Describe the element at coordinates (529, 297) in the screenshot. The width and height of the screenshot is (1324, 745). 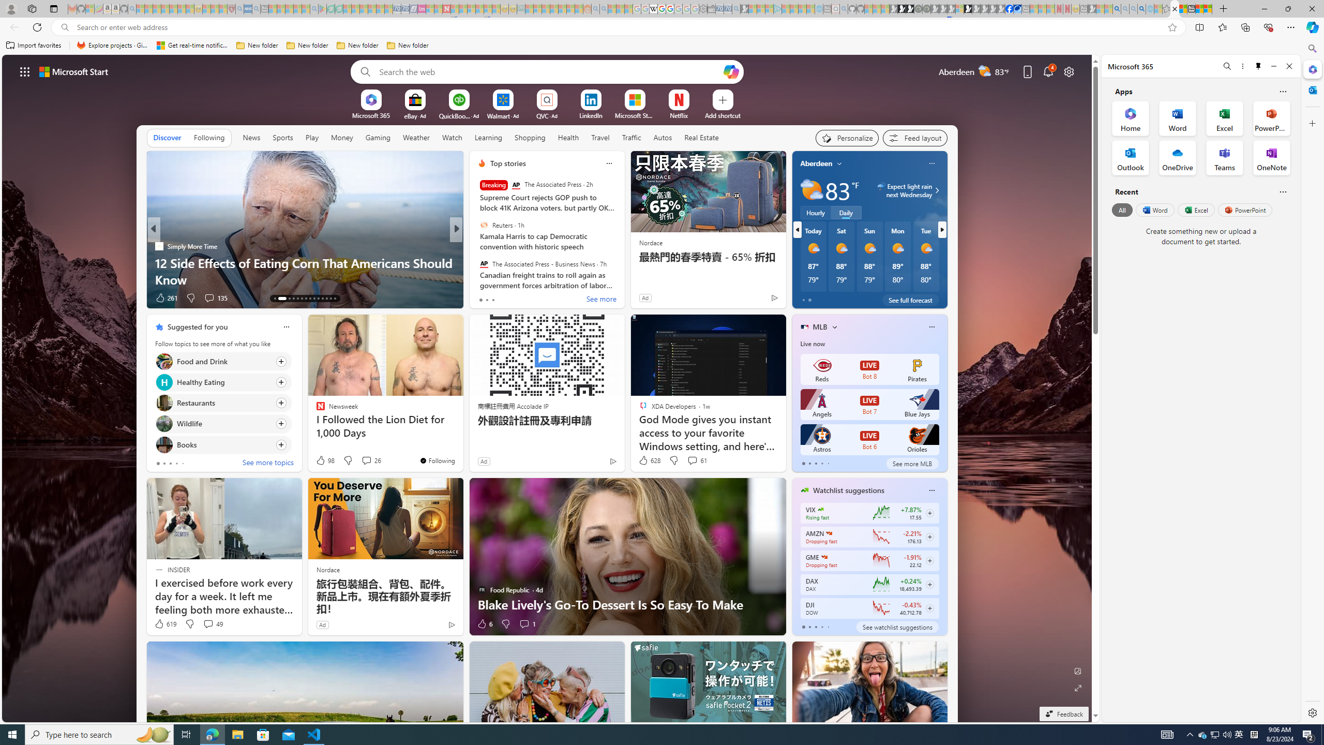
I see `'View comments 67 Comment'` at that location.